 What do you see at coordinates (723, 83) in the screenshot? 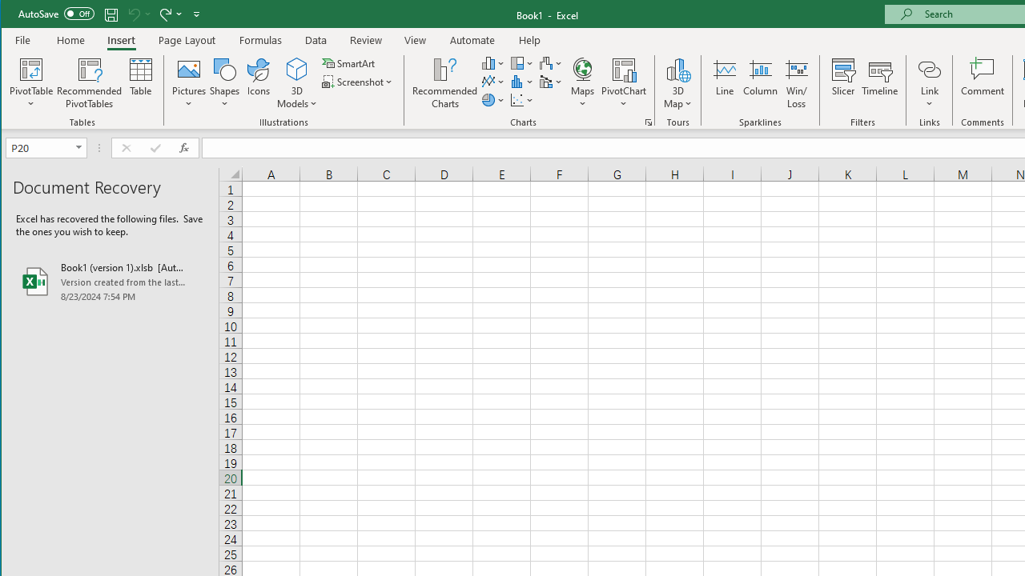
I see `'Line'` at bounding box center [723, 83].